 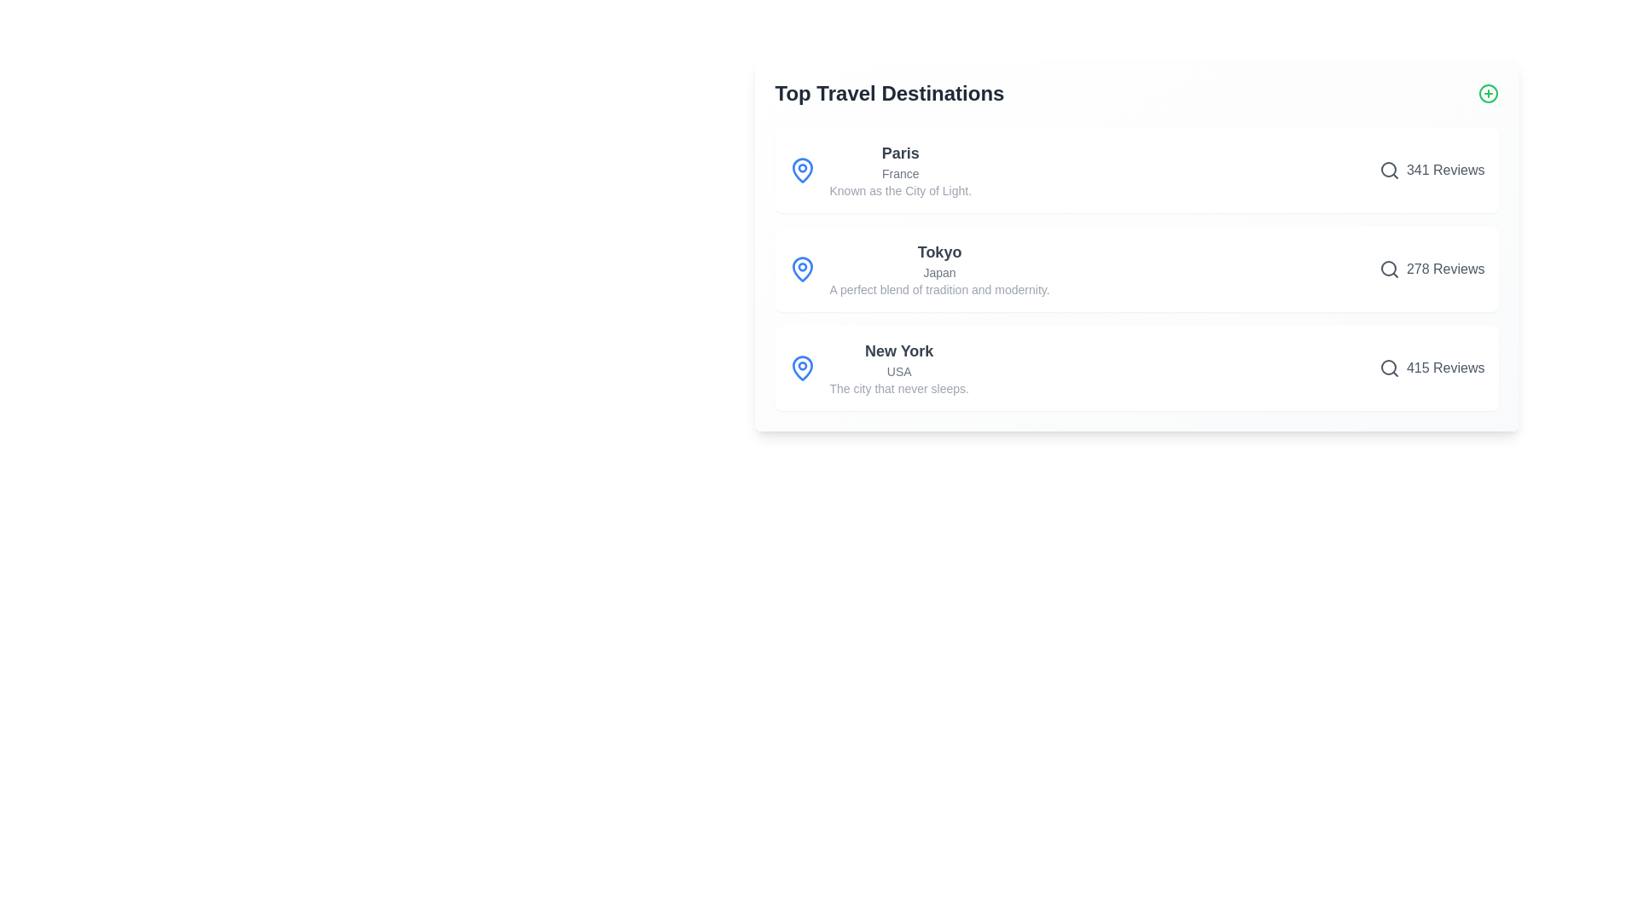 What do you see at coordinates (1487, 94) in the screenshot?
I see `'Add' button to add a new destination` at bounding box center [1487, 94].